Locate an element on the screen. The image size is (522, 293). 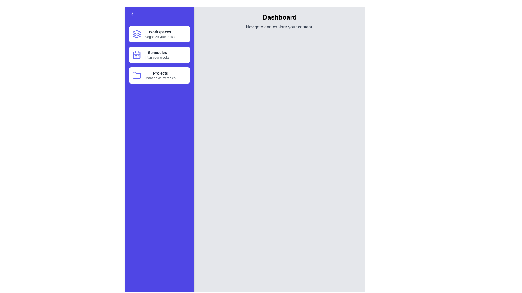
the icon of the menu item Workspaces is located at coordinates (137, 34).